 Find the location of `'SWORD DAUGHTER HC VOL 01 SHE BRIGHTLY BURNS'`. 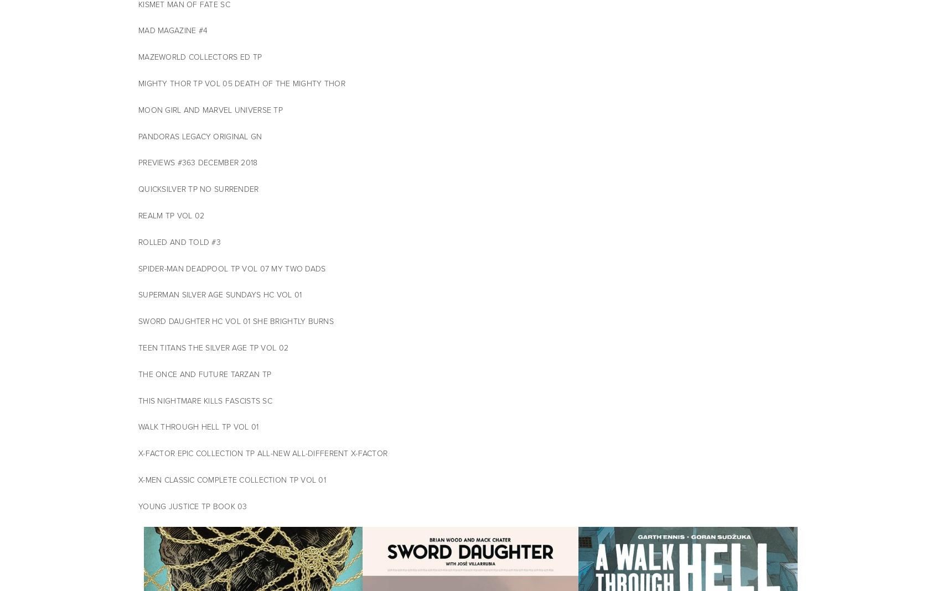

'SWORD DAUGHTER HC VOL 01 SHE BRIGHTLY BURNS' is located at coordinates (138, 321).